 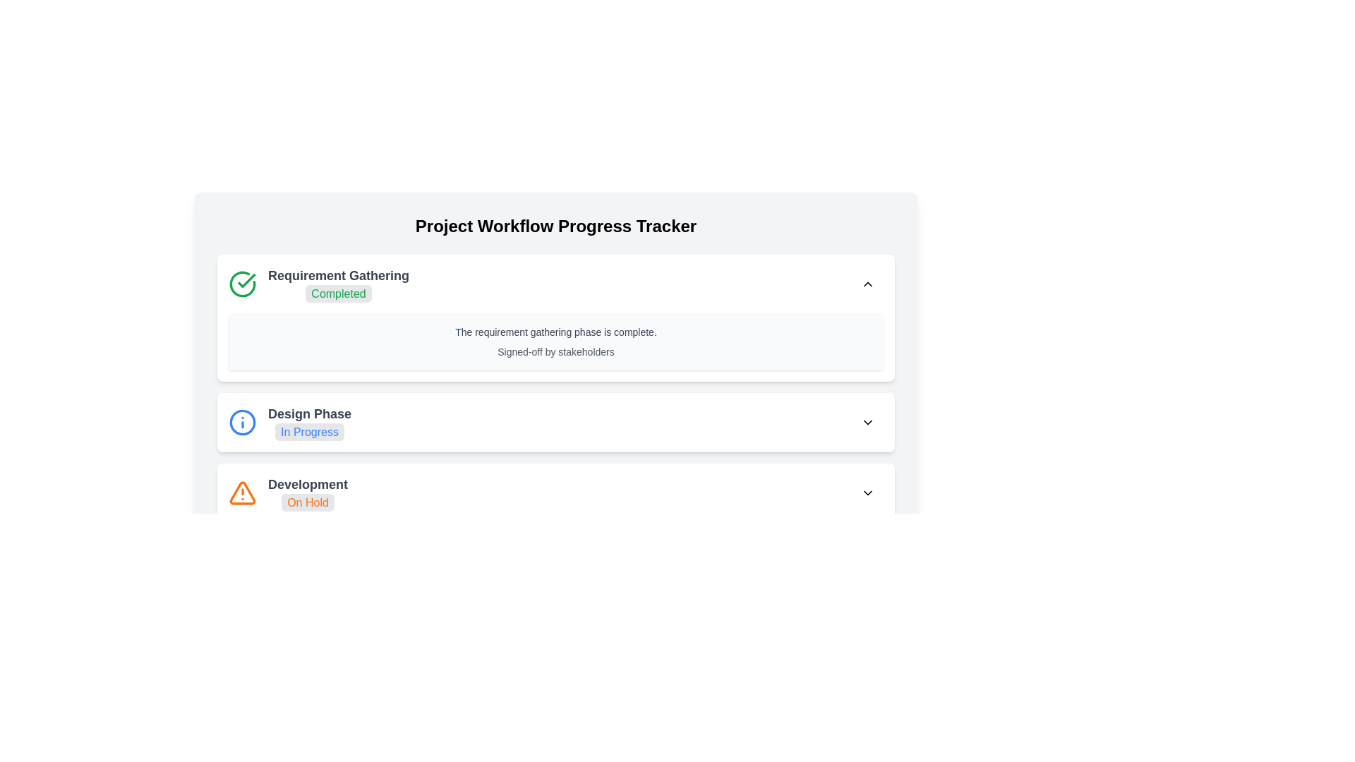 What do you see at coordinates (555, 421) in the screenshot?
I see `title and status of the 'Design Phase' card, which is the second card in the workflow tracker, positioned between 'Requirement Gathering' and 'Development'` at bounding box center [555, 421].